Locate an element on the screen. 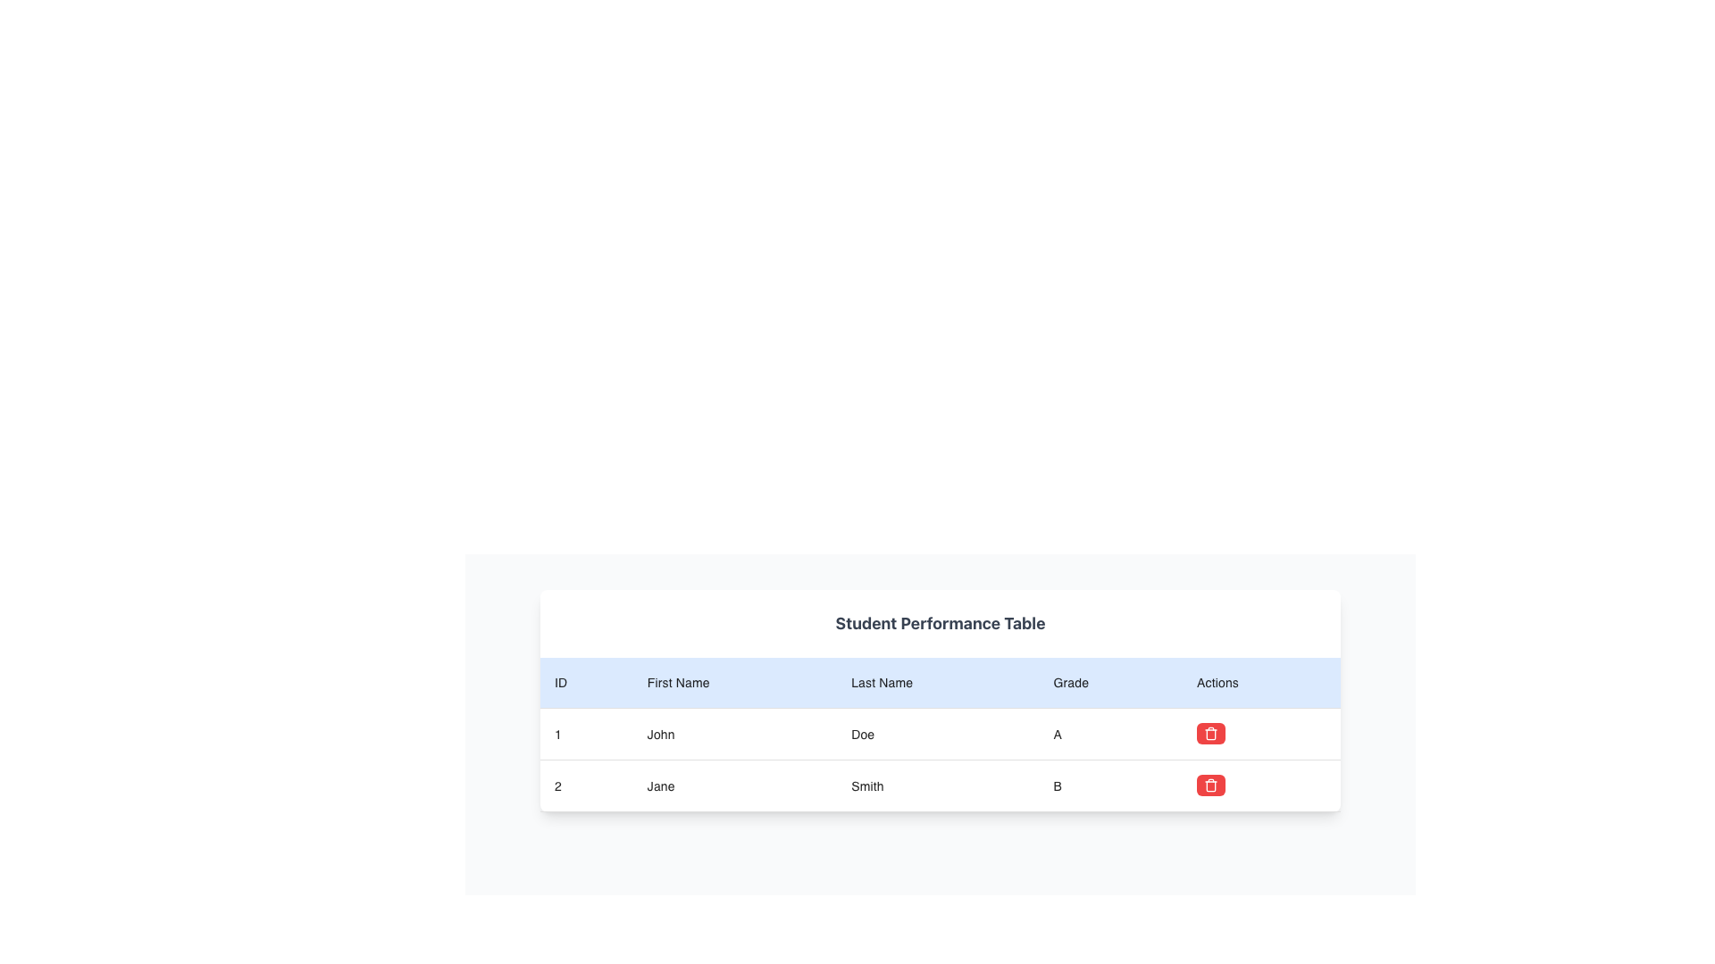 Image resolution: width=1715 pixels, height=964 pixels. the fifth cell in the 'Actions' column of the table, which serves as a placeholder or spacing component, located at the rightmost edge of the row is located at coordinates (1260, 734).